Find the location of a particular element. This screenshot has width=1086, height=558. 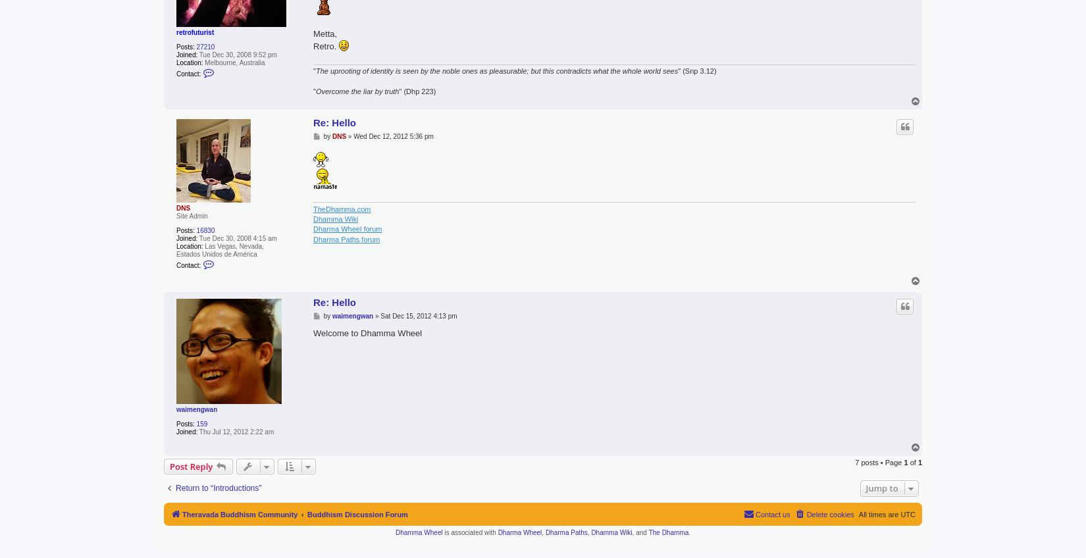

'The Dhamma' is located at coordinates (668, 532).